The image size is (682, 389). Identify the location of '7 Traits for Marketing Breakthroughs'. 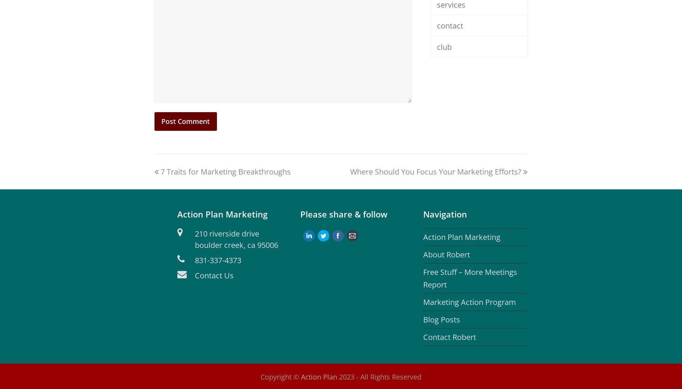
(225, 171).